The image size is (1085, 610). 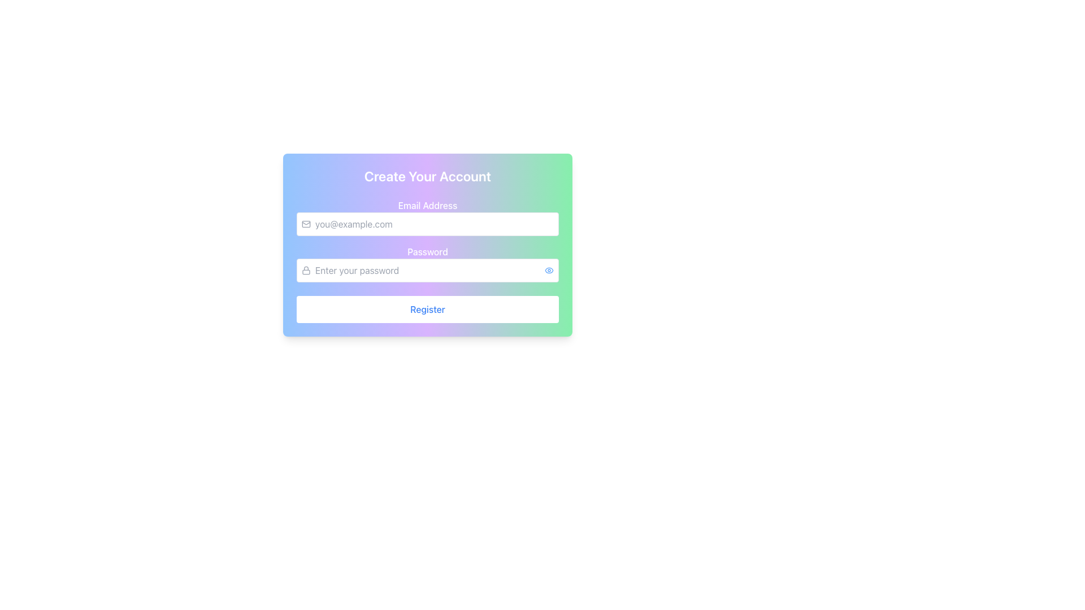 What do you see at coordinates (306, 224) in the screenshot?
I see `the email address input field icon located to the left of the email input, which visually indicates that the associated field is for entering an email address` at bounding box center [306, 224].